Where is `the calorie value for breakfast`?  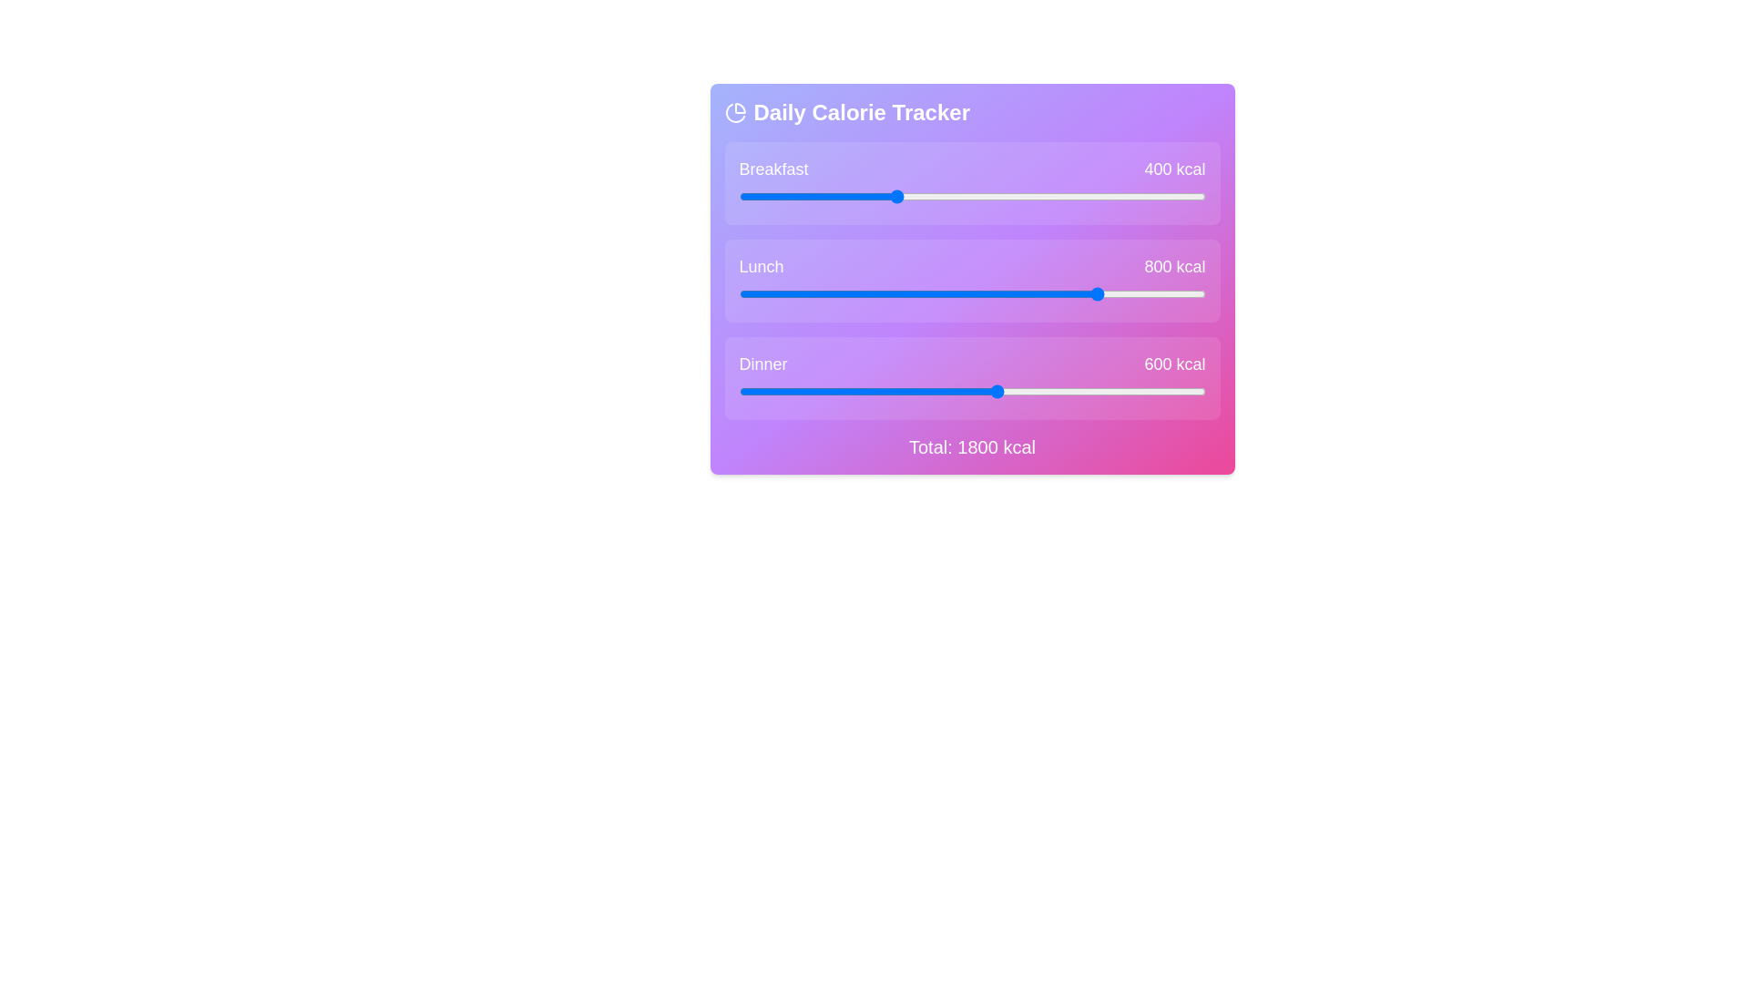 the calorie value for breakfast is located at coordinates (907, 197).